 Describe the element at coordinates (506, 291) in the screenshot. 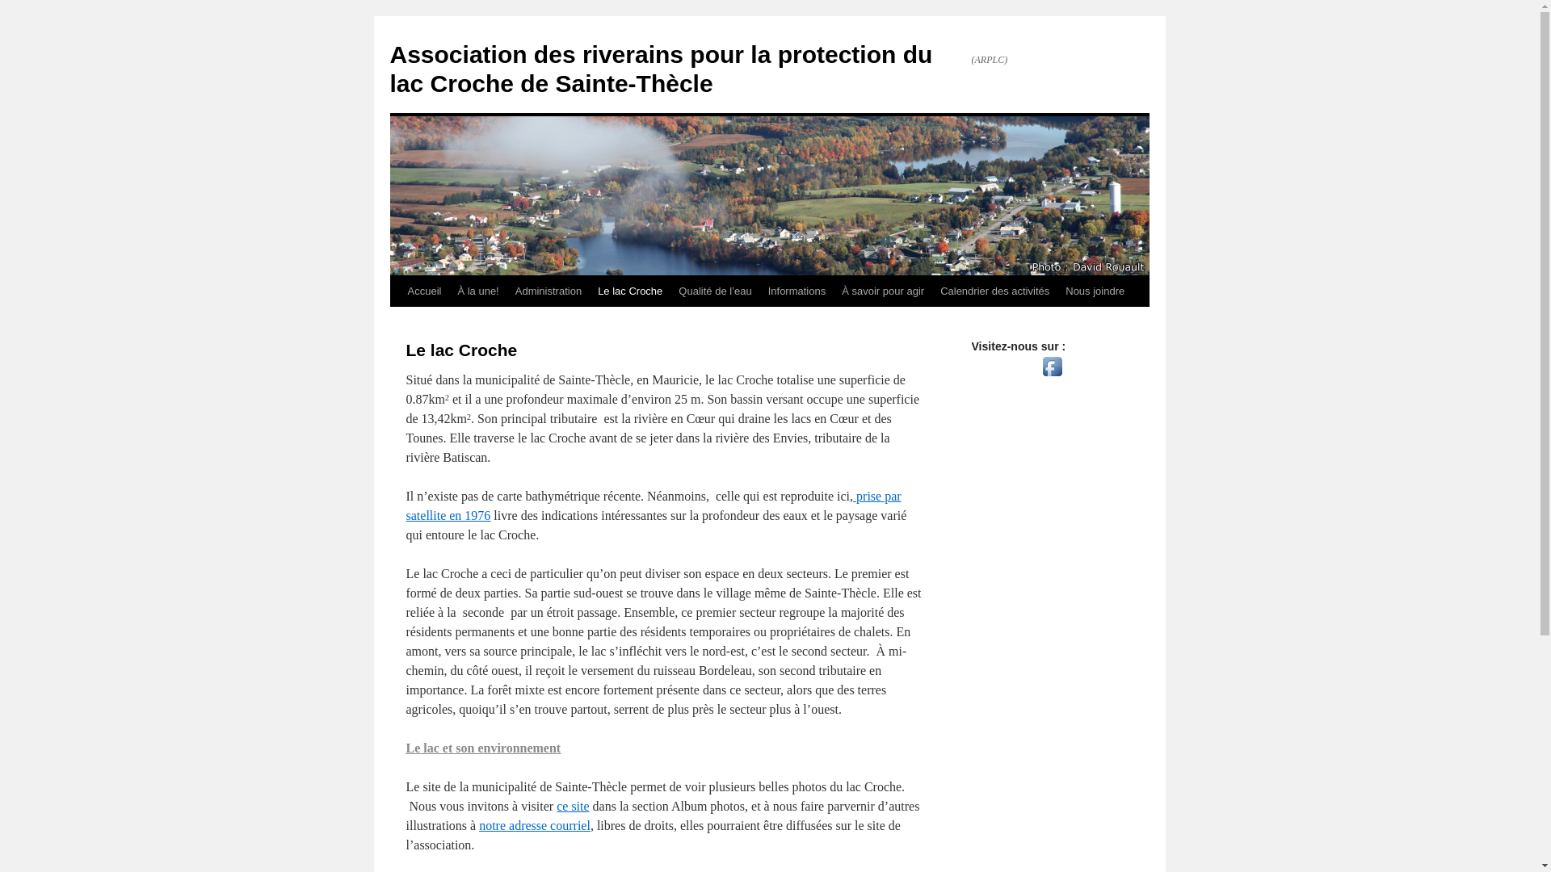

I see `'Administration'` at that location.